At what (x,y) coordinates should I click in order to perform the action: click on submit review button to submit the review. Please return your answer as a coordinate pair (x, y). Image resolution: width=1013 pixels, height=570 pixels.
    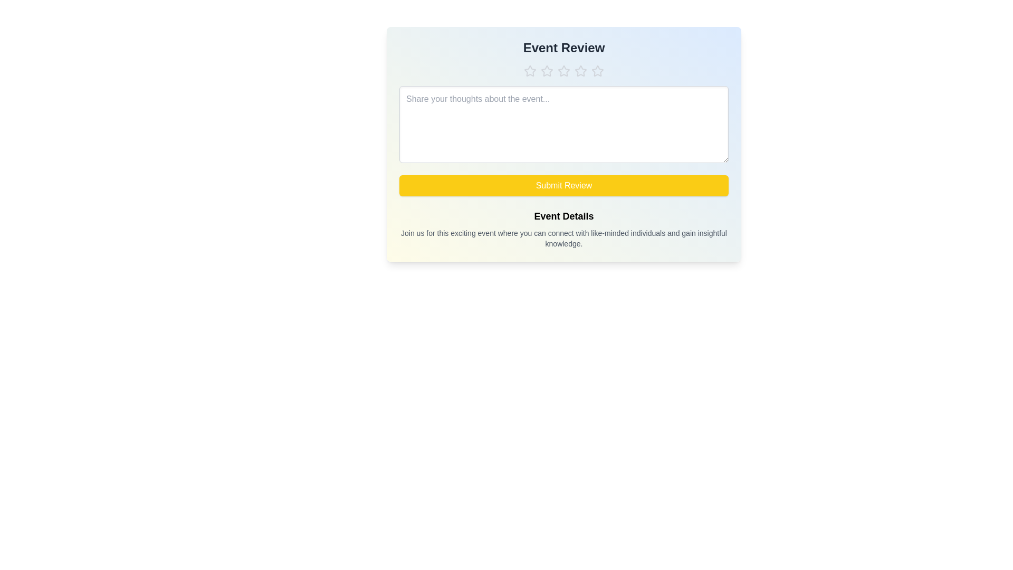
    Looking at the image, I should click on (563, 185).